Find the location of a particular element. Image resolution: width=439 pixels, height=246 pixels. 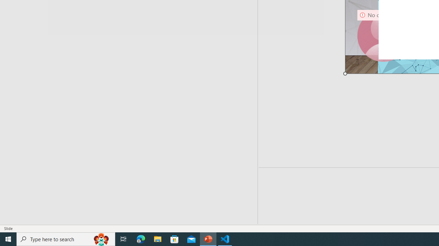

'Camera 9, No camera detected.' is located at coordinates (383, 36).